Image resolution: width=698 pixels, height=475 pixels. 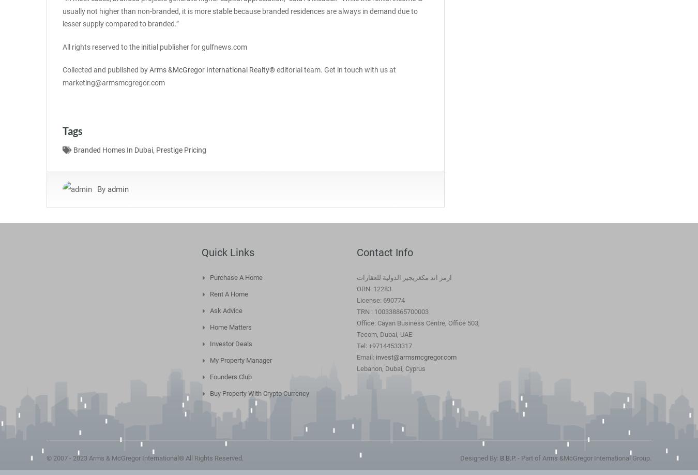 I want to click on 'admin', so click(x=117, y=188).